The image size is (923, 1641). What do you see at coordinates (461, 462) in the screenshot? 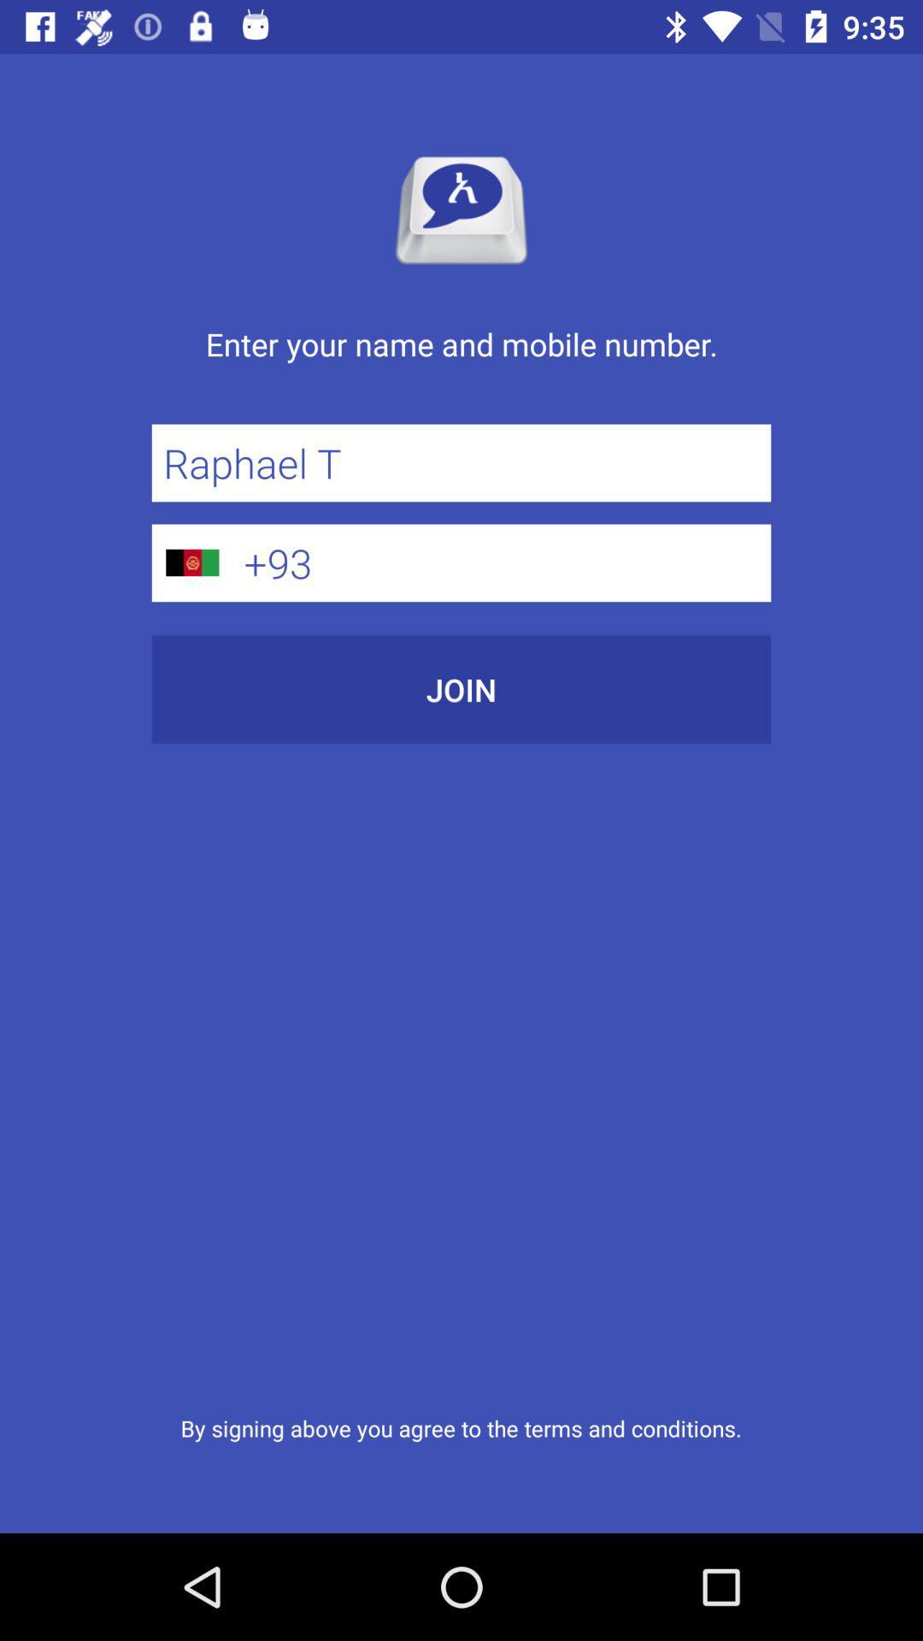
I see `the raphael t` at bounding box center [461, 462].